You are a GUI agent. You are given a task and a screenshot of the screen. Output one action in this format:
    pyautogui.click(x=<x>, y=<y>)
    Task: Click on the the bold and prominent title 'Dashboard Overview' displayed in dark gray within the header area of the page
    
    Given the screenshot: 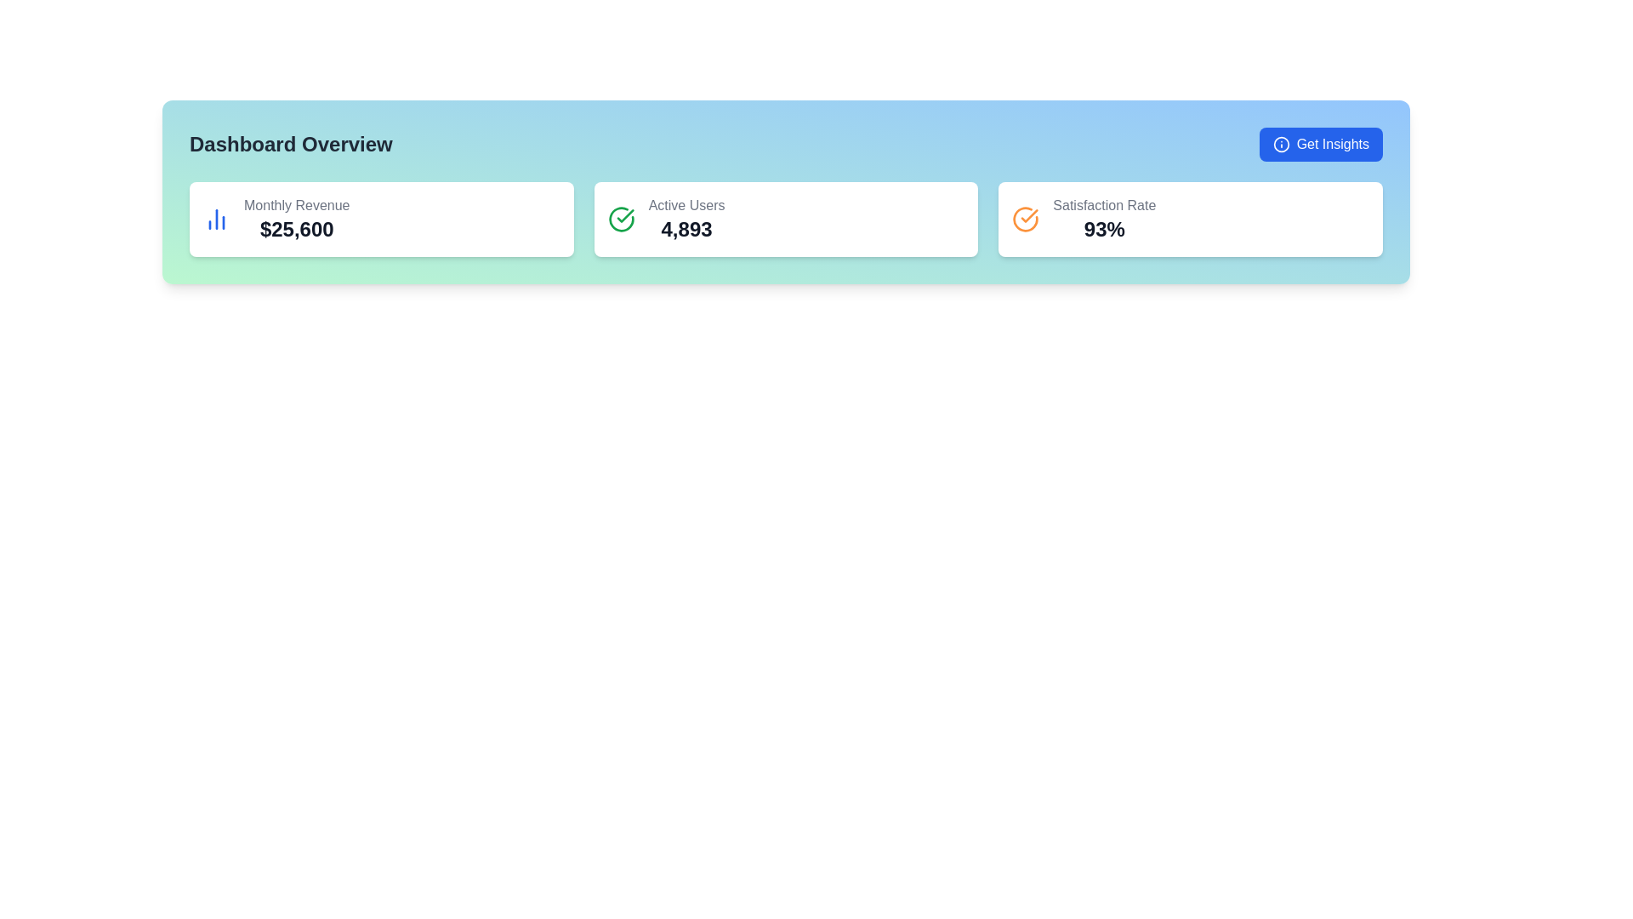 What is the action you would take?
    pyautogui.click(x=291, y=143)
    